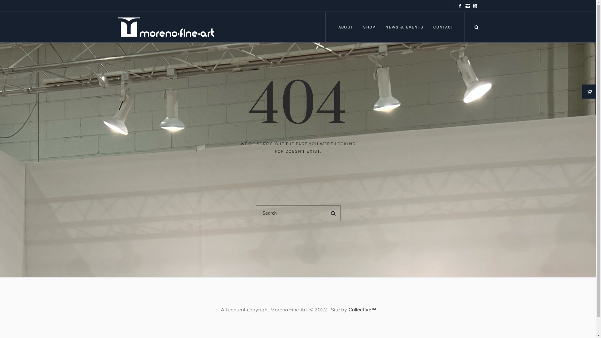  What do you see at coordinates (467, 6) in the screenshot?
I see `'Instagram'` at bounding box center [467, 6].